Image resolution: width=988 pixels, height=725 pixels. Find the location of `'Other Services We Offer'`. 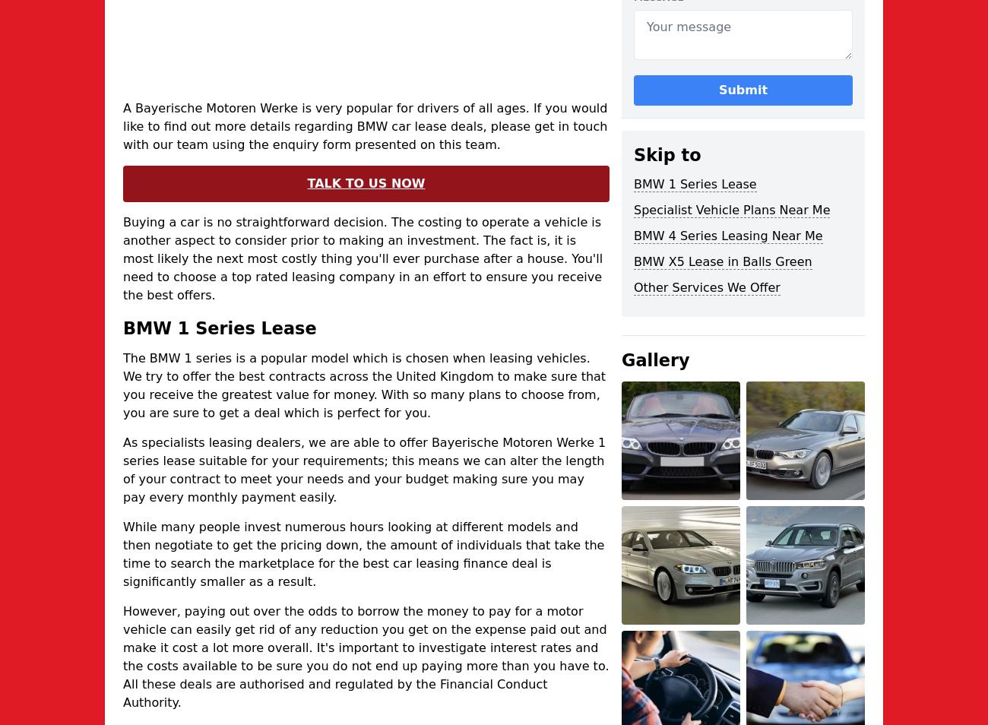

'Other Services We Offer' is located at coordinates (707, 287).